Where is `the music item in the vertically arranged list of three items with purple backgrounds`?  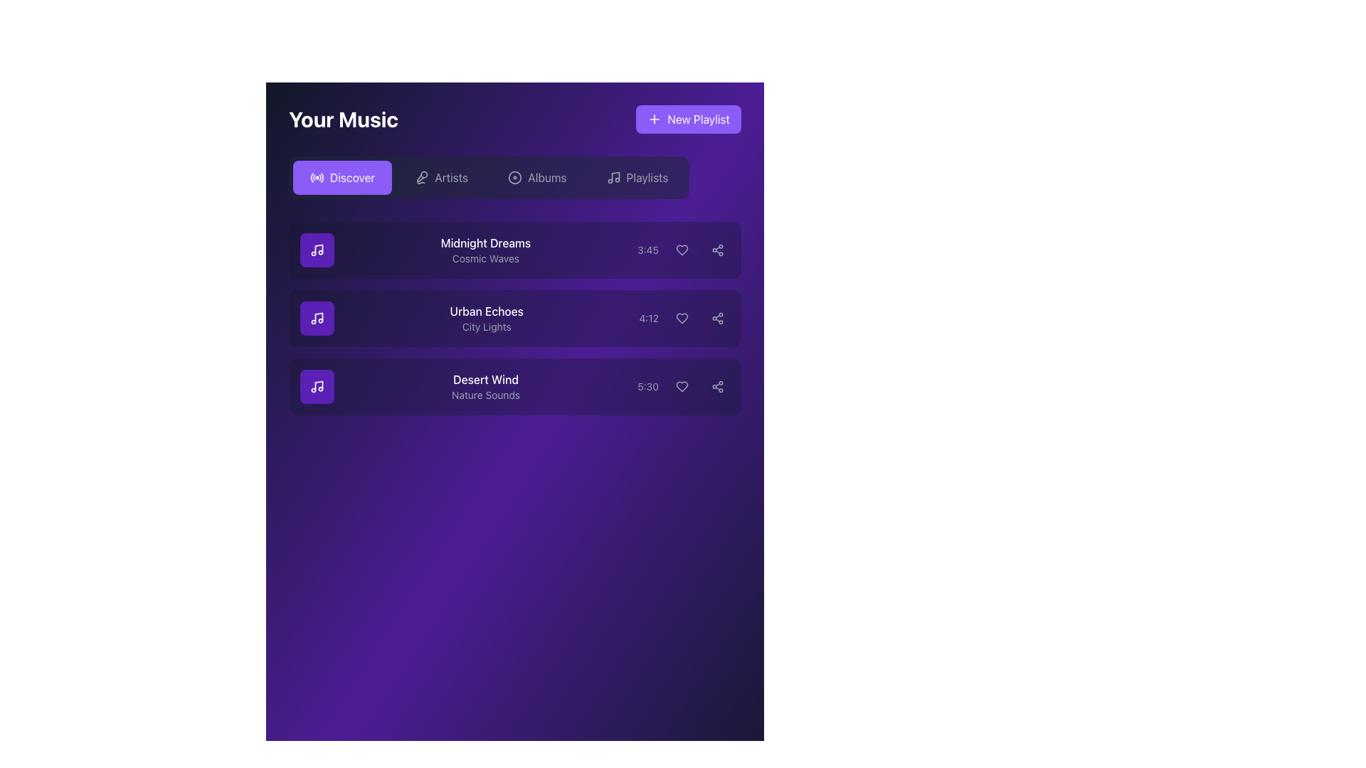 the music item in the vertically arranged list of three items with purple backgrounds is located at coordinates (514, 260).